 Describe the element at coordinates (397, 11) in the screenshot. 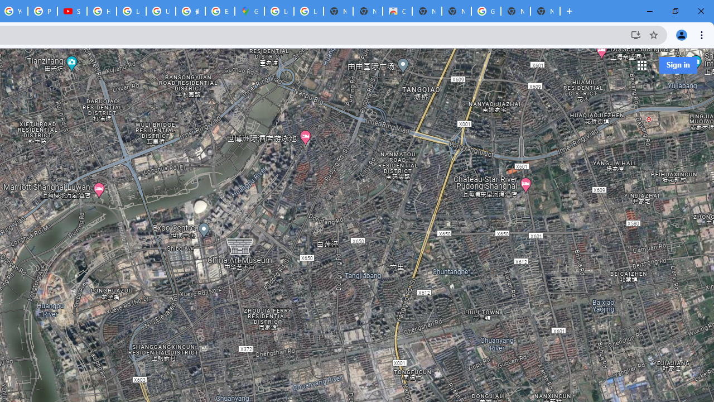

I see `'Chrome Web Store'` at that location.